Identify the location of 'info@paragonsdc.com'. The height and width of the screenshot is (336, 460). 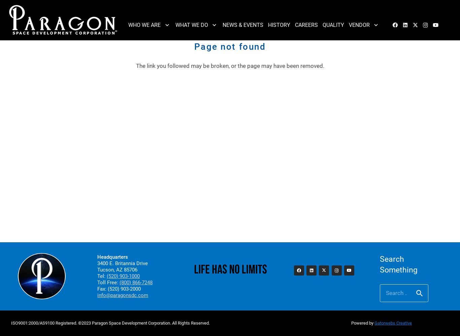
(122, 295).